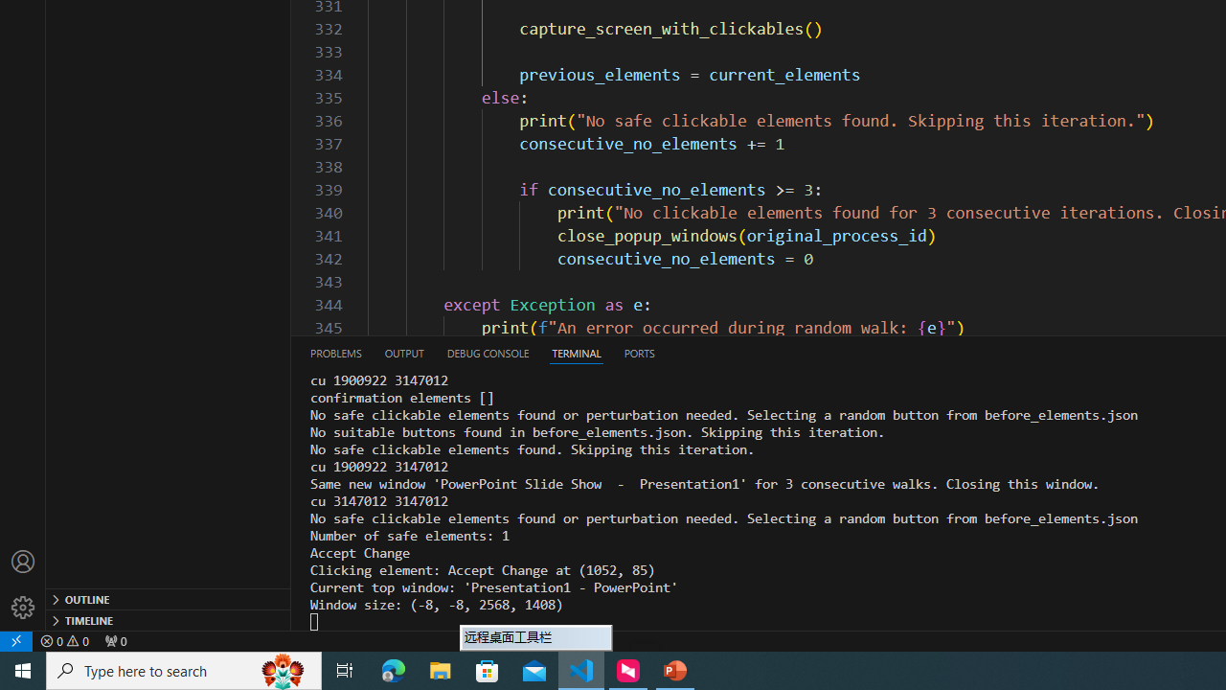 The image size is (1226, 690). Describe the element at coordinates (23, 584) in the screenshot. I see `'Manage'` at that location.